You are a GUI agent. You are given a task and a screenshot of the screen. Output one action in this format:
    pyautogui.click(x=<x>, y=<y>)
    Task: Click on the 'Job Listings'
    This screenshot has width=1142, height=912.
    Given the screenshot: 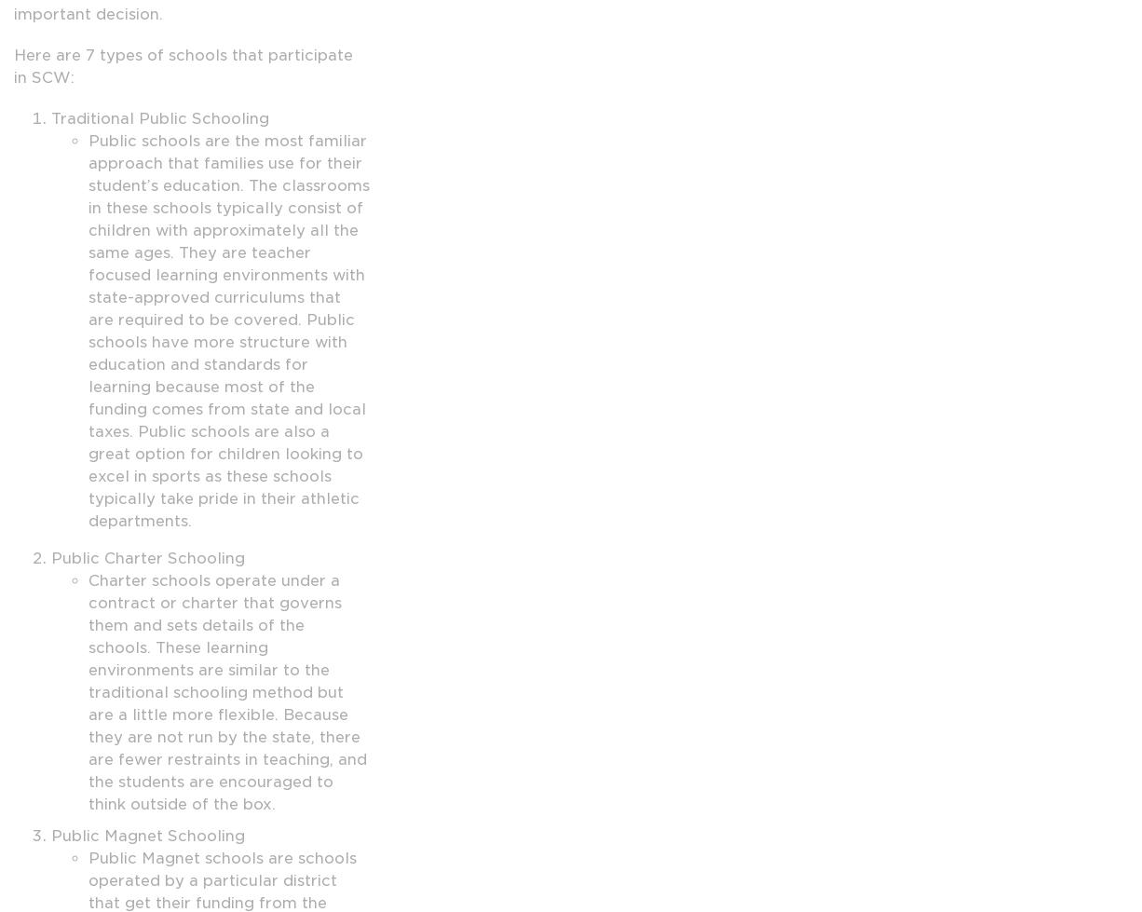 What is the action you would take?
    pyautogui.click(x=261, y=634)
    